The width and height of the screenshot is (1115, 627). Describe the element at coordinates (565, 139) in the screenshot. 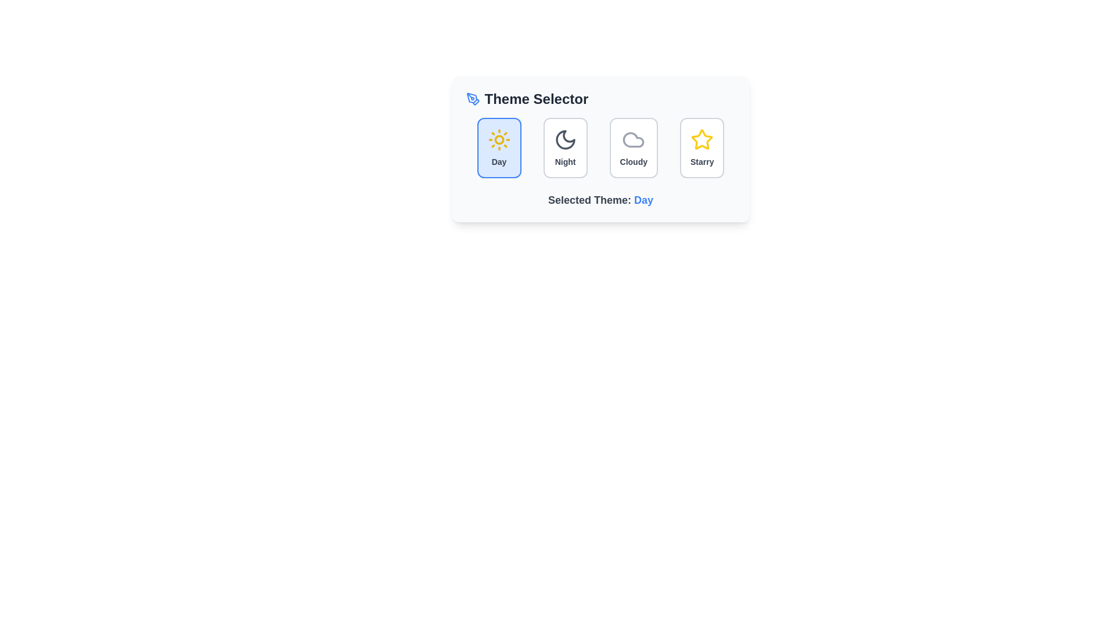

I see `the stylized moon icon located within the 'Night' theme selection button` at that location.